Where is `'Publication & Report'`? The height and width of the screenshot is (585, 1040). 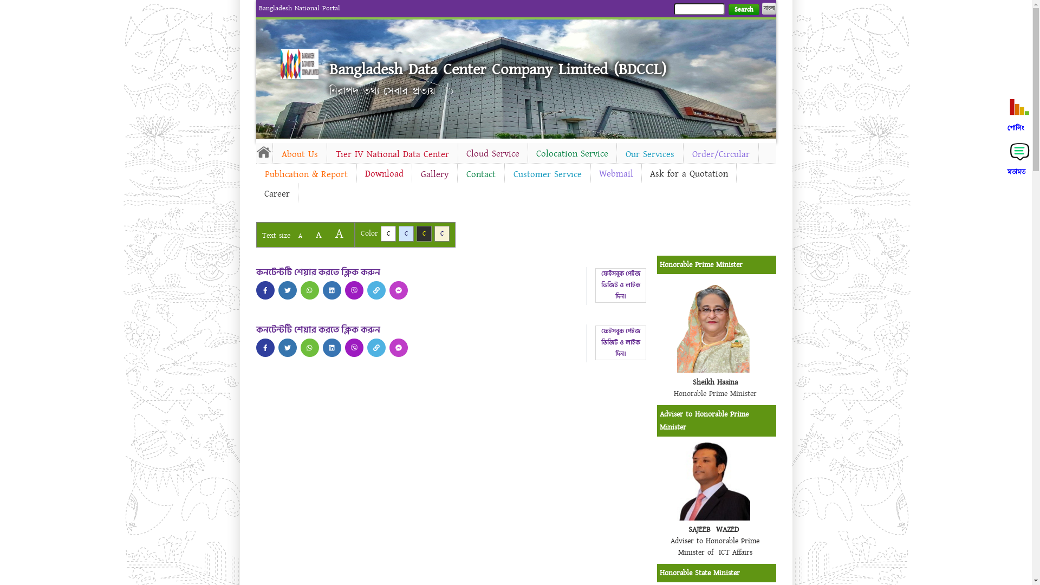
'Publication & Report' is located at coordinates (255, 173).